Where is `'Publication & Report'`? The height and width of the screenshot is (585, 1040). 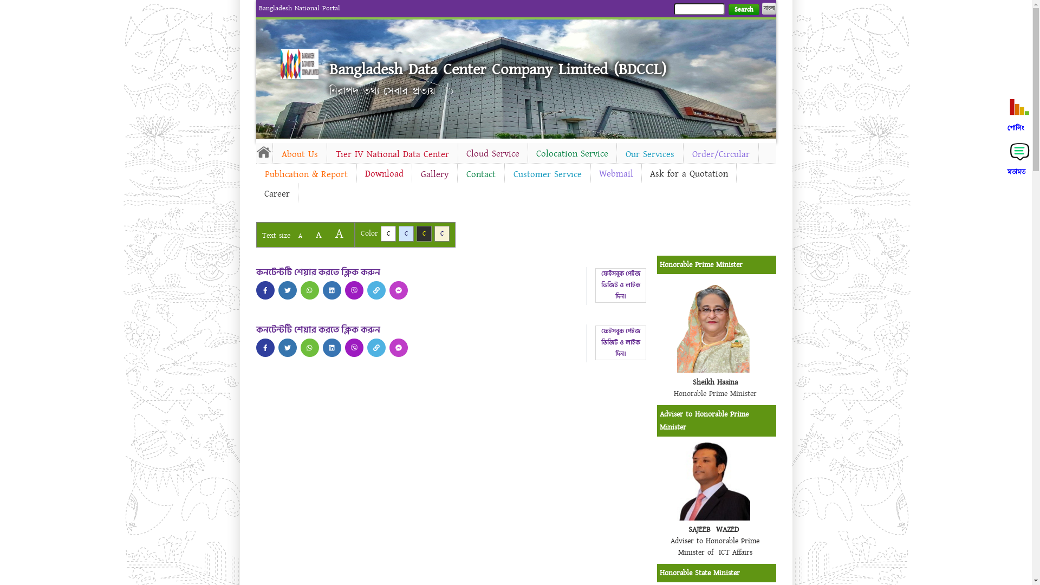
'Publication & Report' is located at coordinates (255, 173).